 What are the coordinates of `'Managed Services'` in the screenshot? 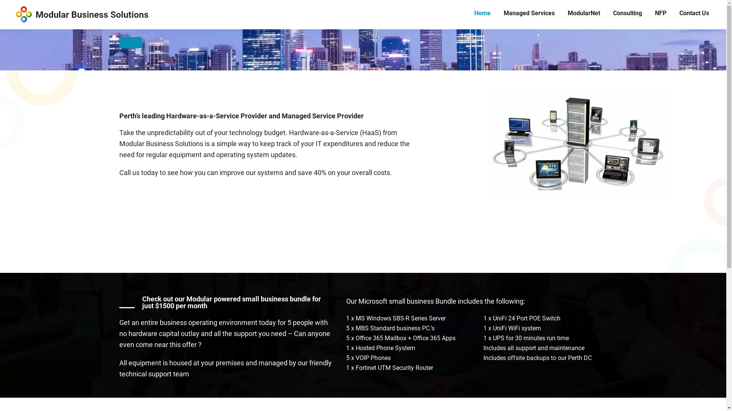 It's located at (528, 13).